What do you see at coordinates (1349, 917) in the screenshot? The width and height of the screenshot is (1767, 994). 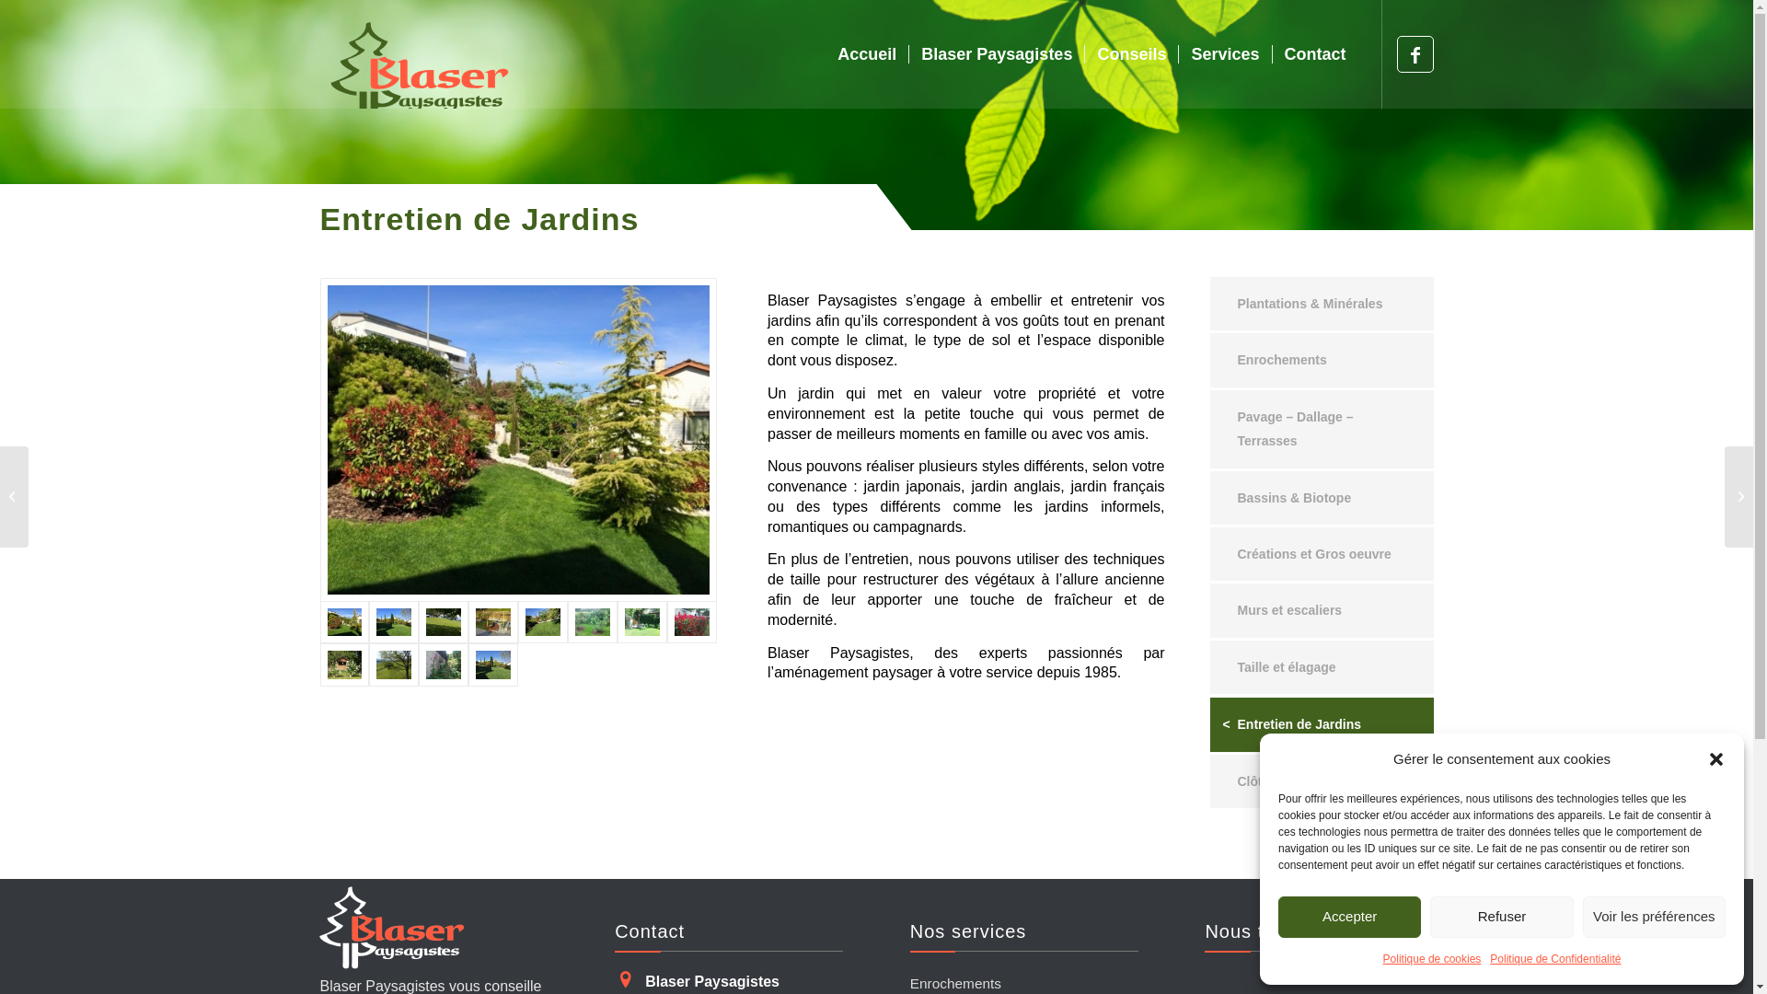 I see `'Accepter'` at bounding box center [1349, 917].